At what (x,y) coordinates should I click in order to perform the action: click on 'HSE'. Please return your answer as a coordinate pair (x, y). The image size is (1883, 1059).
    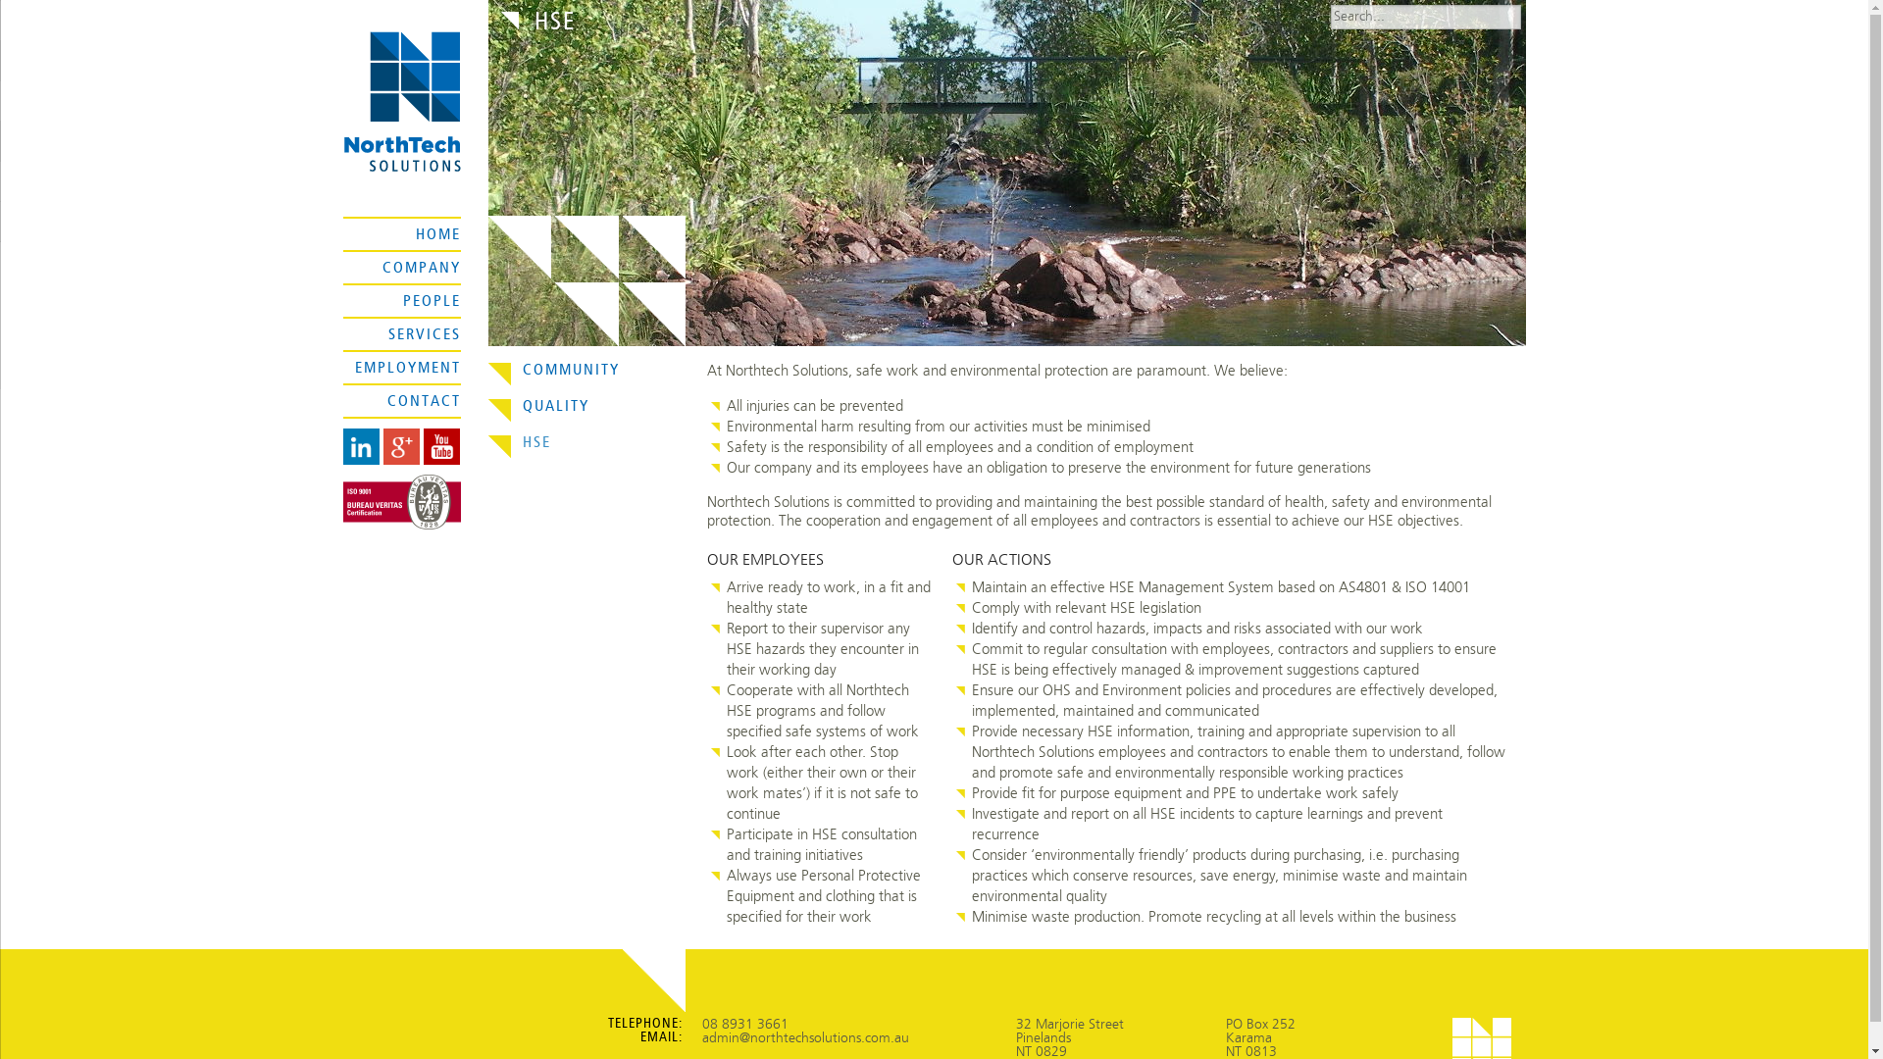
    Looking at the image, I should click on (589, 448).